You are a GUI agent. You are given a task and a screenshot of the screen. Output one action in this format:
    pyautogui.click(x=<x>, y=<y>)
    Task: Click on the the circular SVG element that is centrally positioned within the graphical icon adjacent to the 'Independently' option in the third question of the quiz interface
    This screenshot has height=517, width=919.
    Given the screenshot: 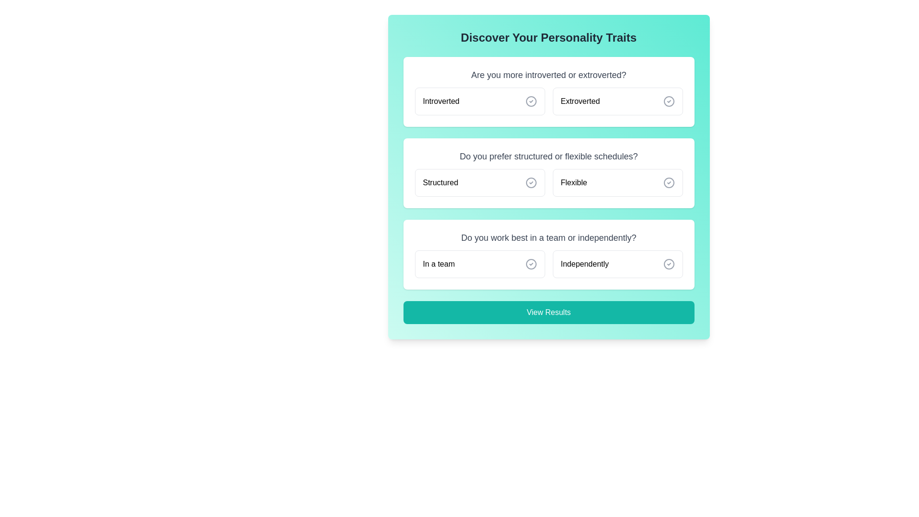 What is the action you would take?
    pyautogui.click(x=668, y=264)
    